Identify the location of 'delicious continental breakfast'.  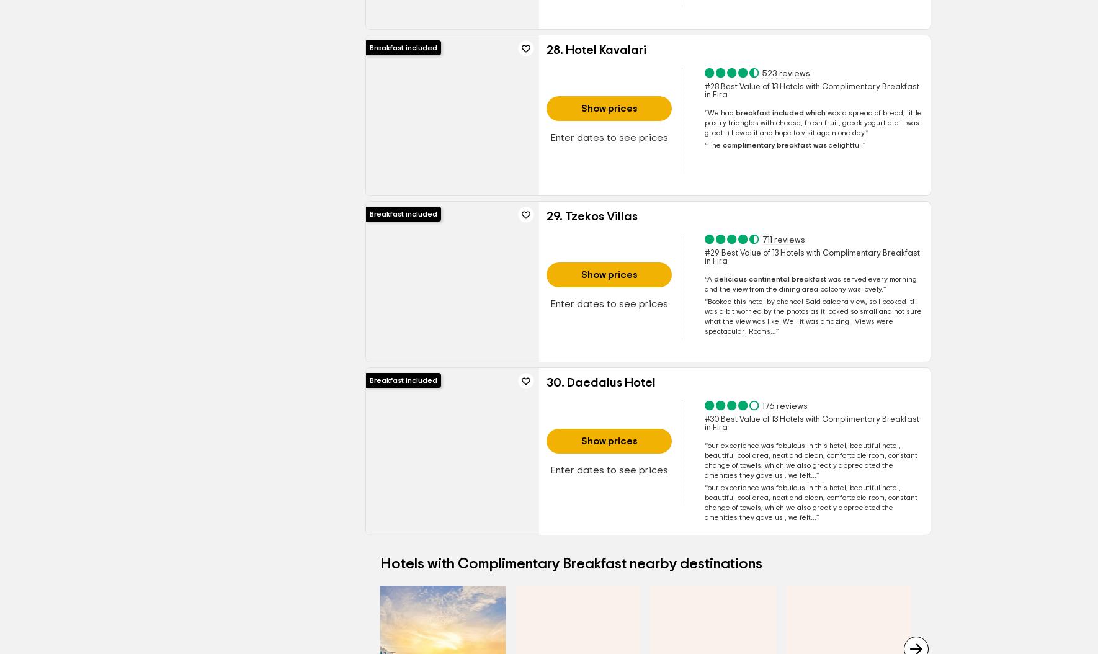
(769, 279).